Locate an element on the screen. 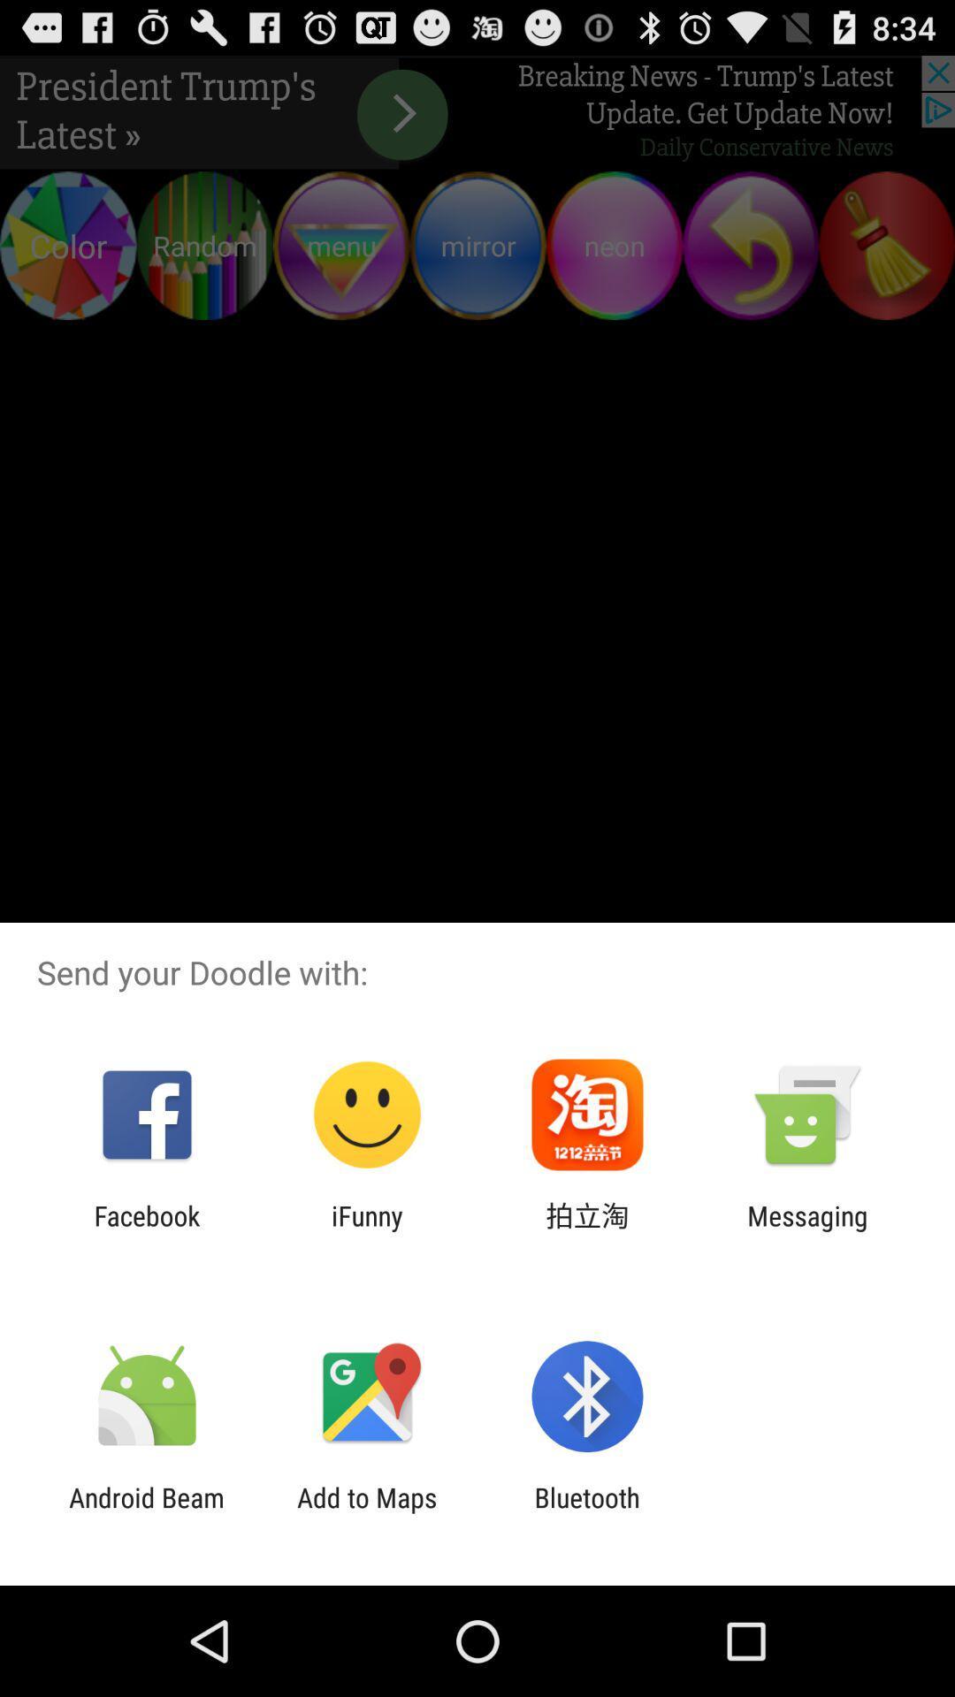 This screenshot has width=955, height=1697. the item next to the add to maps item is located at coordinates (587, 1512).